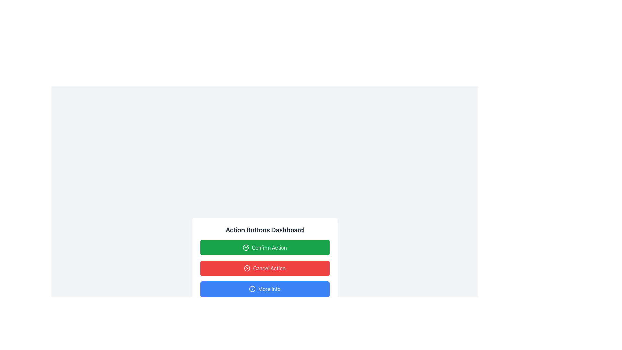 This screenshot has width=622, height=350. I want to click on the text label displaying 'Action Buttons Dashboard', which is styled with a bold, large font and dark gray color, located at the top of a white card, so click(265, 229).